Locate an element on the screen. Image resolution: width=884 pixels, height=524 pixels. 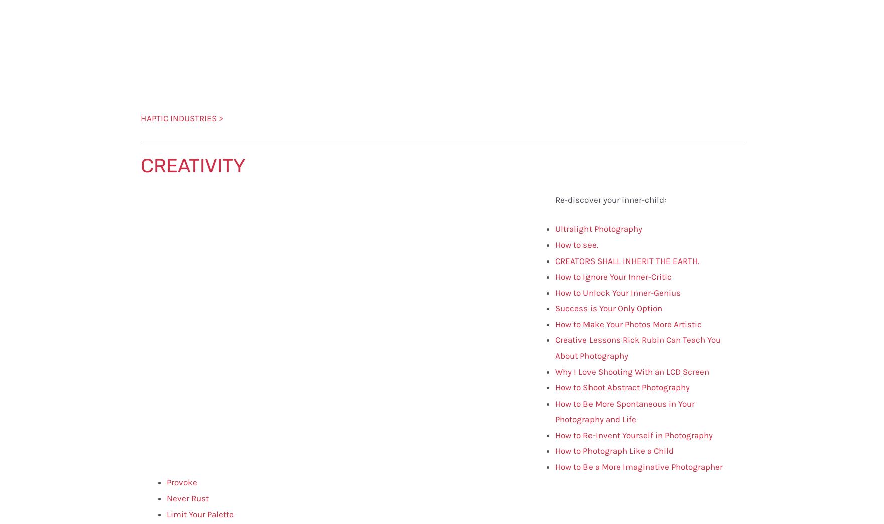
'How to Re-Invent Yourself in Photography' is located at coordinates (634, 434).